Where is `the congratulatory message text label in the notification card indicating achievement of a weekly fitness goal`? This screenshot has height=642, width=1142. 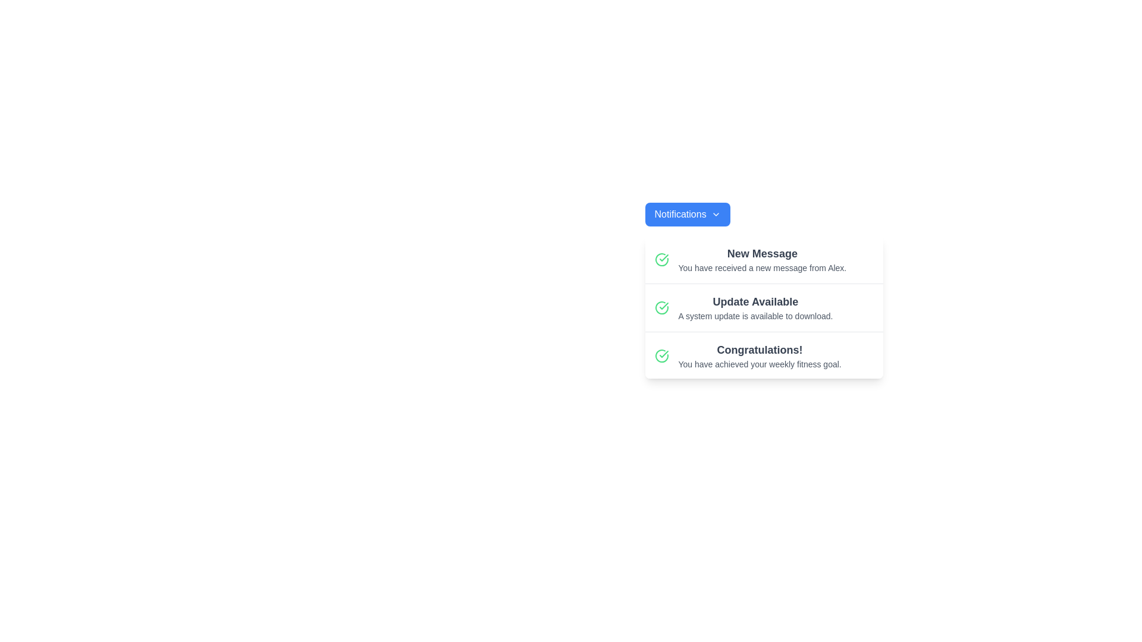 the congratulatory message text label in the notification card indicating achievement of a weekly fitness goal is located at coordinates (759, 350).